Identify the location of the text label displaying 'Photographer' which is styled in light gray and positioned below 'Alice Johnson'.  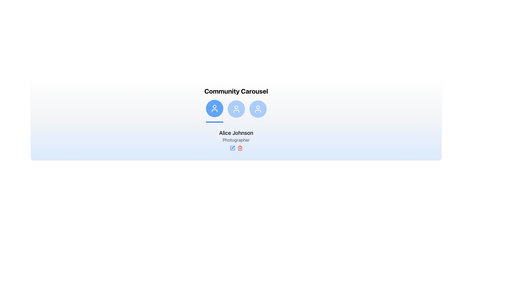
(236, 140).